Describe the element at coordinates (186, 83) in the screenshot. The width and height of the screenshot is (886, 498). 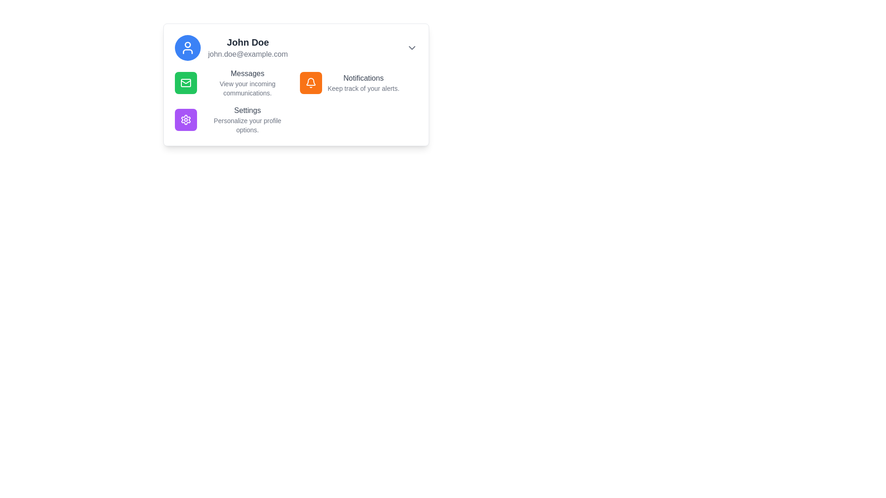
I see `the messaging icon located in the 'Messages' section, which is positioned to the left of the text 'Messages View your incoming communications.'` at that location.